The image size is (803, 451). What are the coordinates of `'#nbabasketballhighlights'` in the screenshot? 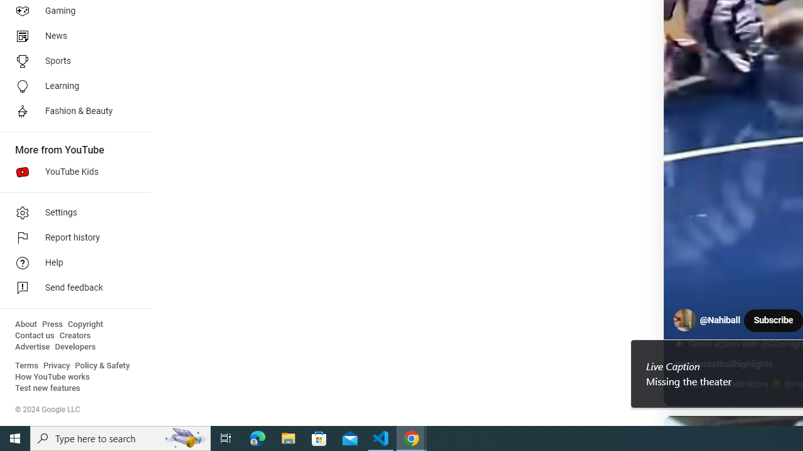 It's located at (723, 364).